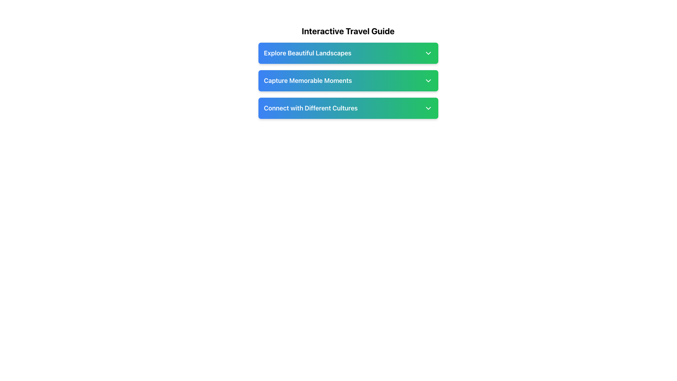  What do you see at coordinates (348, 80) in the screenshot?
I see `the expandable panel titled 'Capture Memorable Moments'` at bounding box center [348, 80].